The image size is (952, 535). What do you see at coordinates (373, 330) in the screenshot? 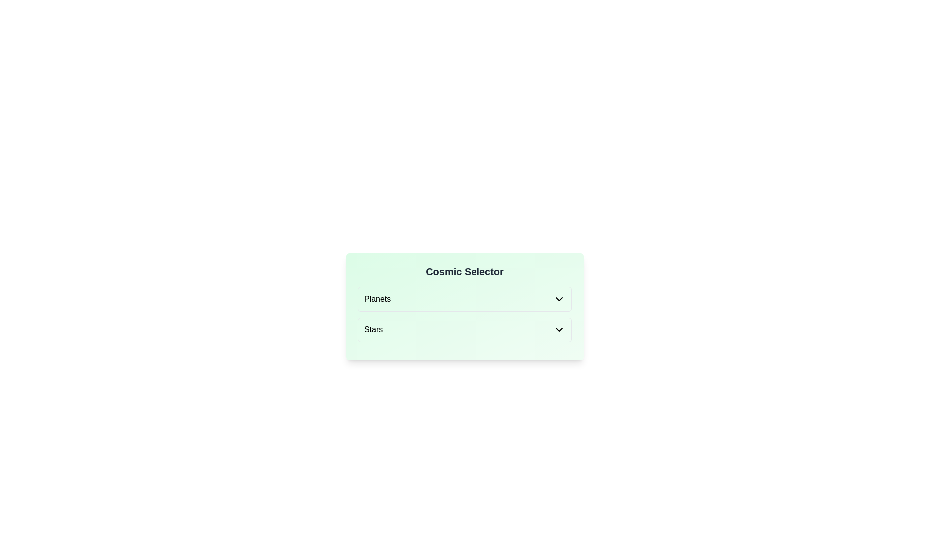
I see `the 'Stars' text label in the 'Cosmic Selector' dropdown menu` at bounding box center [373, 330].